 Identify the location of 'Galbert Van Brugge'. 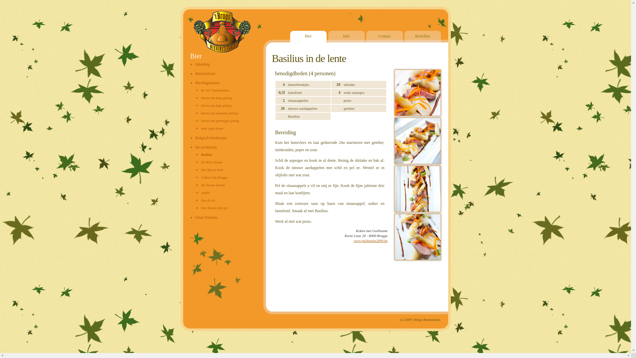
(195, 177).